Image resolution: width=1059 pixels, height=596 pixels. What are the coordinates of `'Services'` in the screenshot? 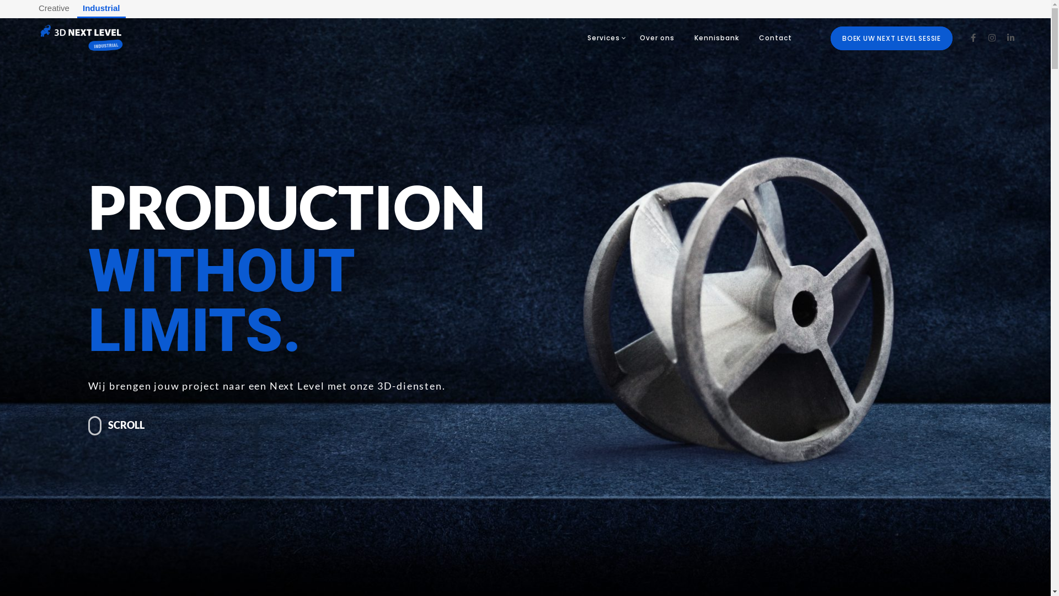 It's located at (603, 37).